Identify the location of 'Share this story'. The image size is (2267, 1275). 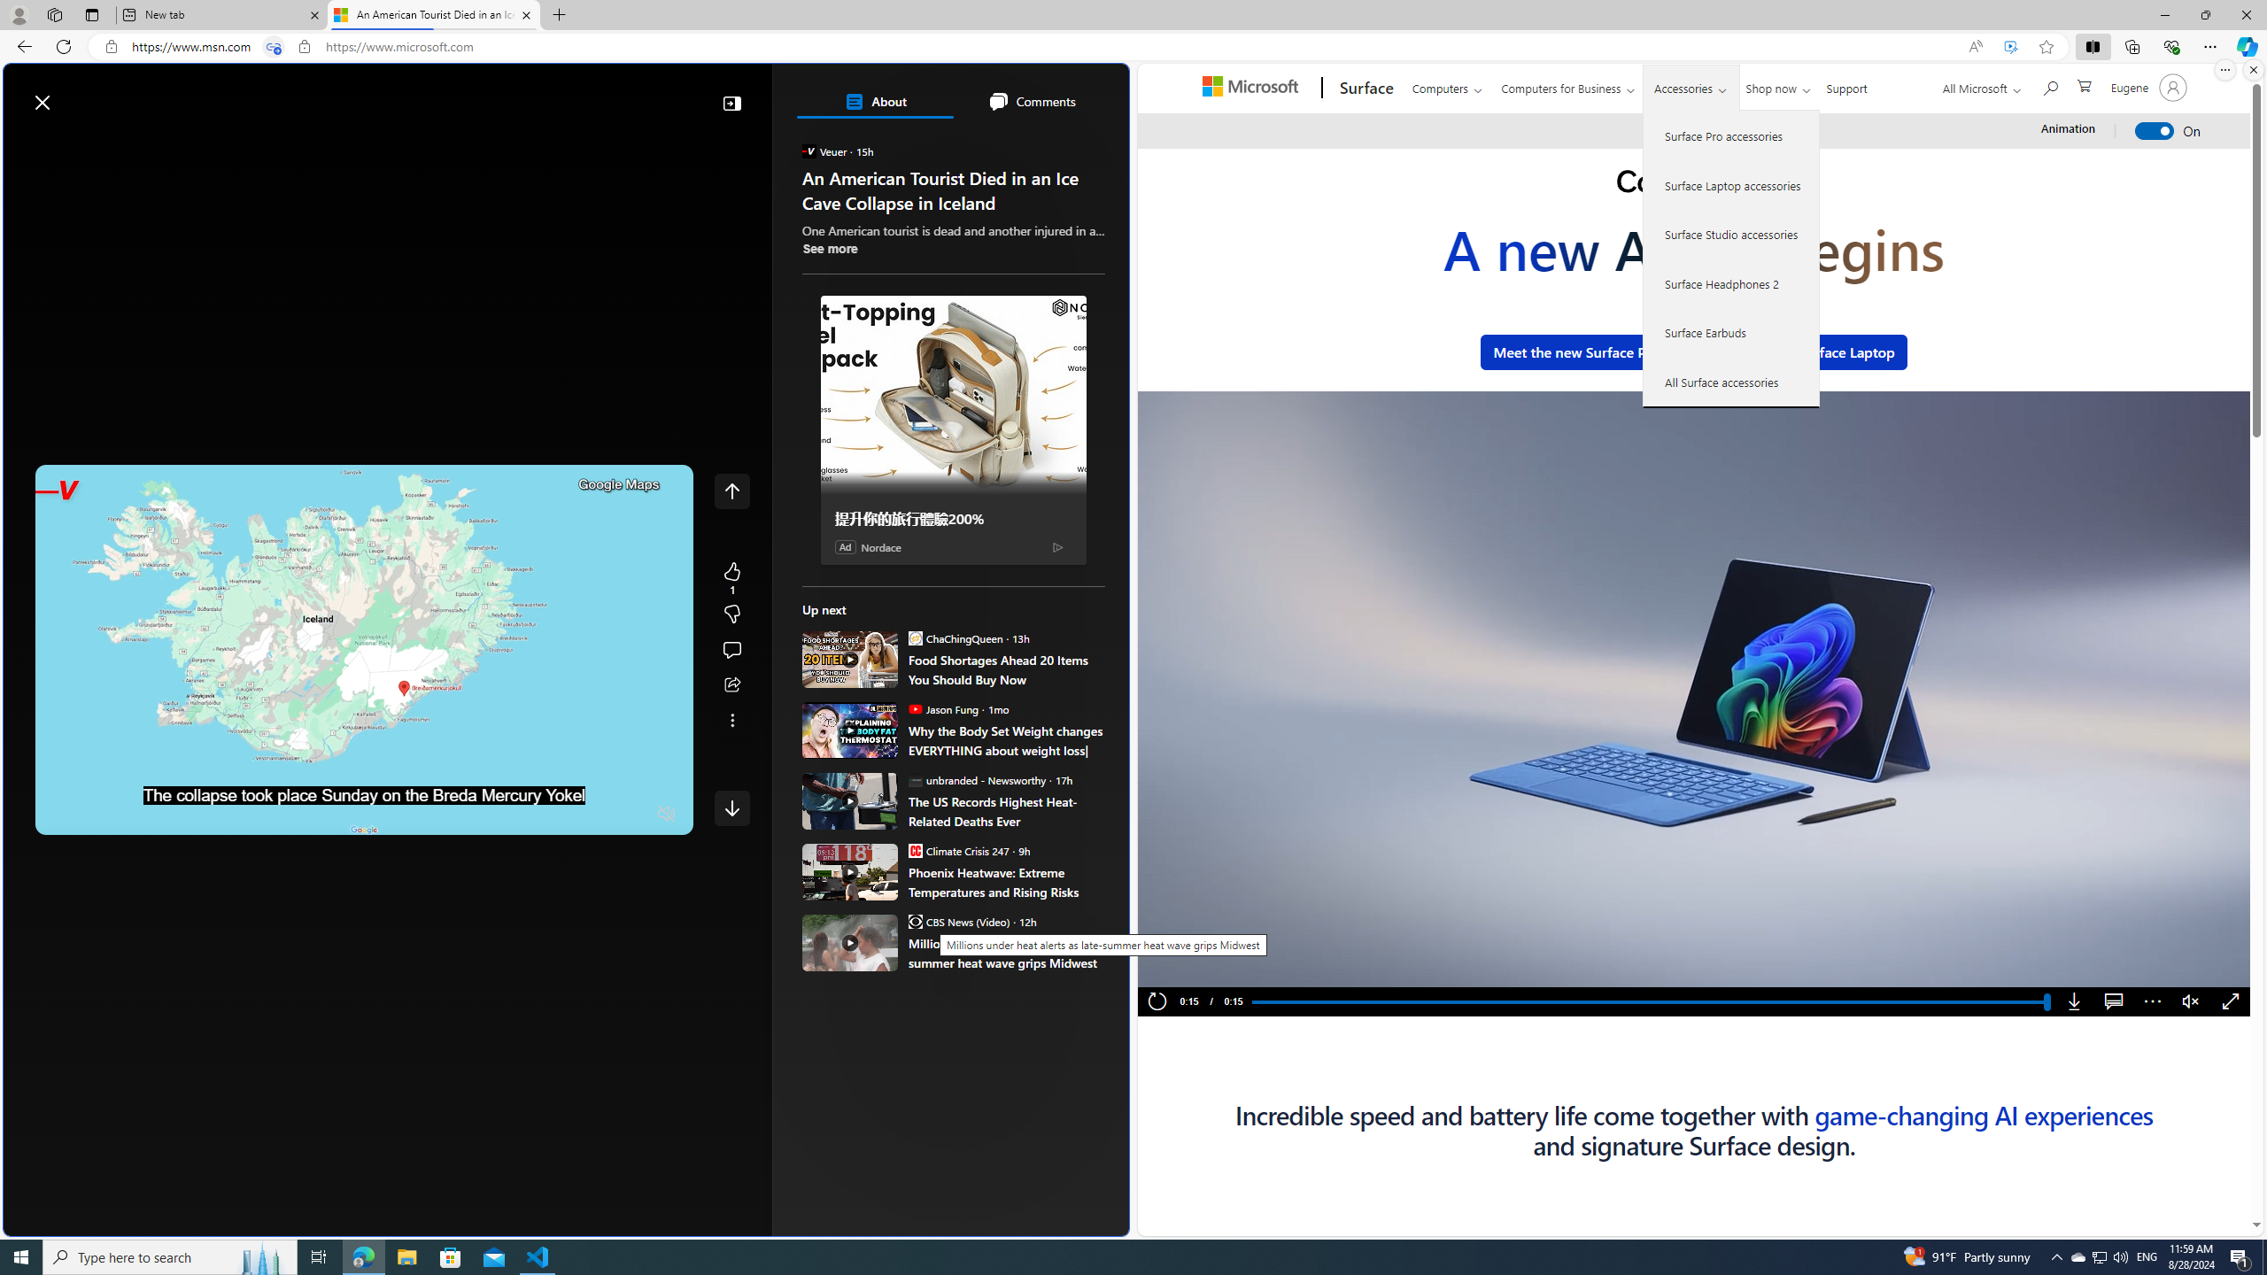
(731, 684).